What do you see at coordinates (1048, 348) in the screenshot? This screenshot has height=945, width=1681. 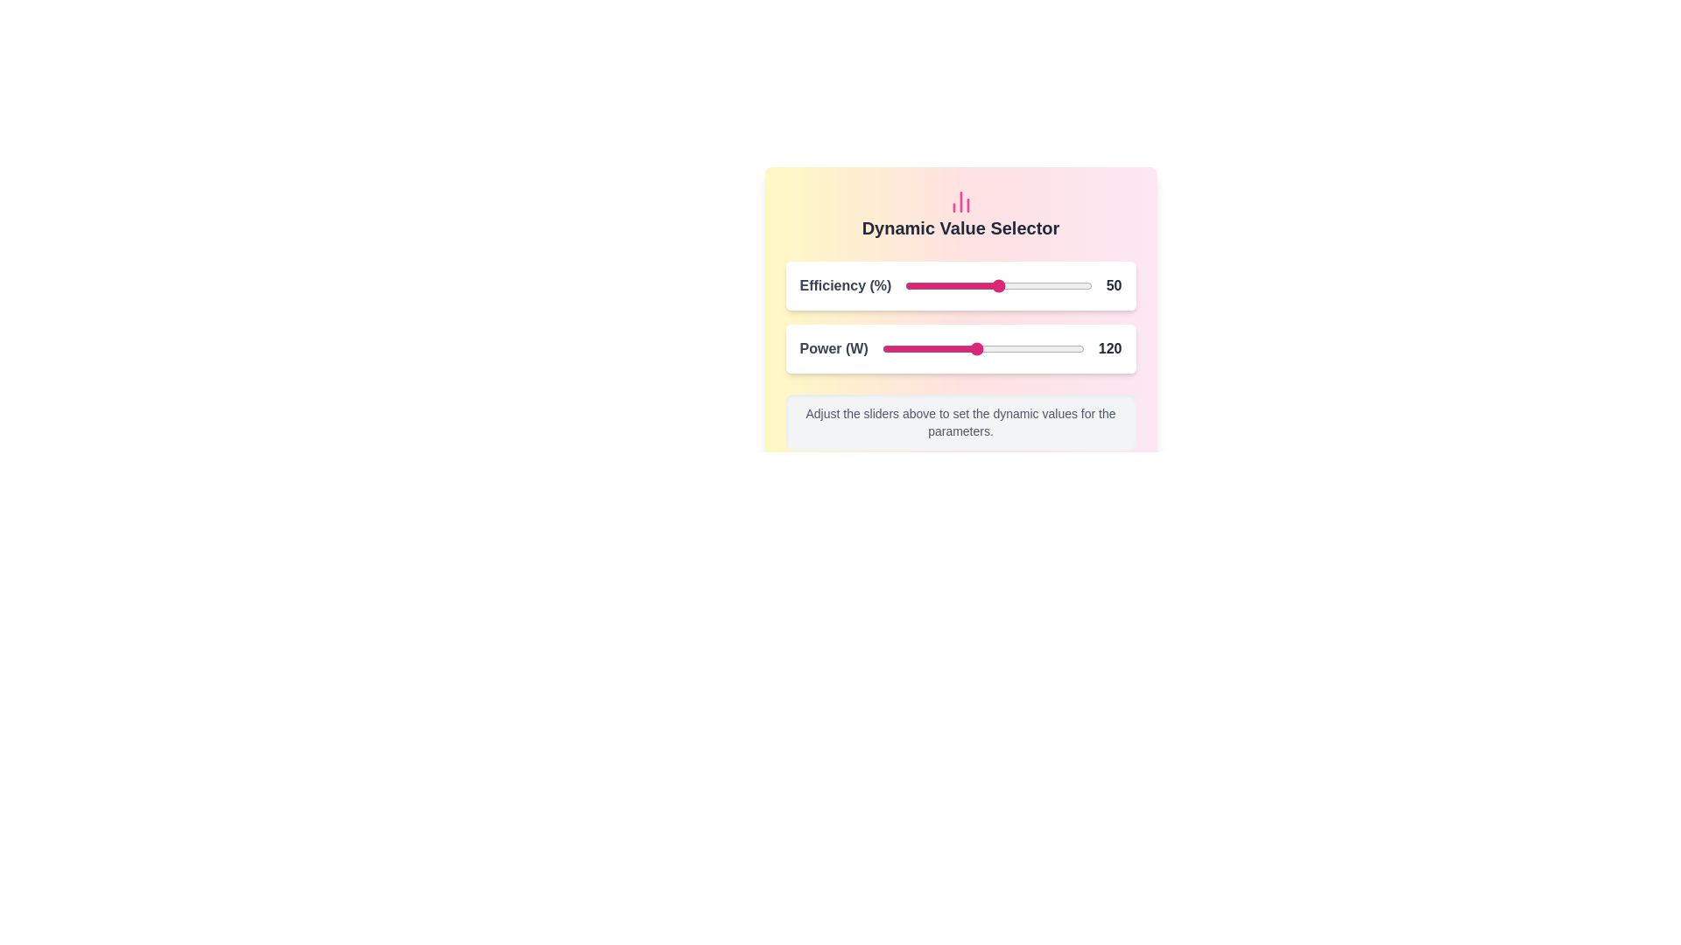 I see `the Power slider to set the value to 173` at bounding box center [1048, 348].